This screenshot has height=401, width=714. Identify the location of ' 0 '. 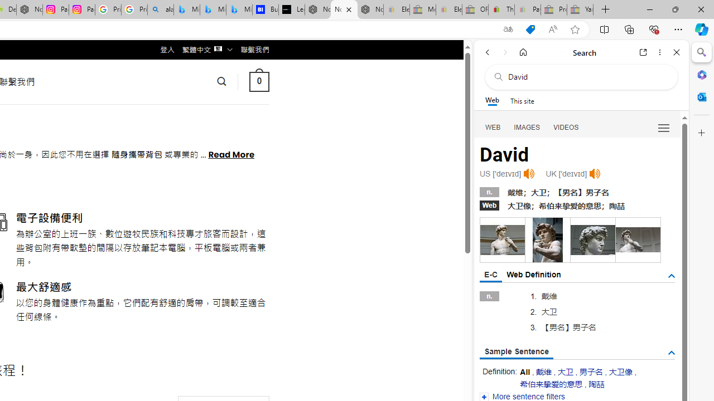
(258, 81).